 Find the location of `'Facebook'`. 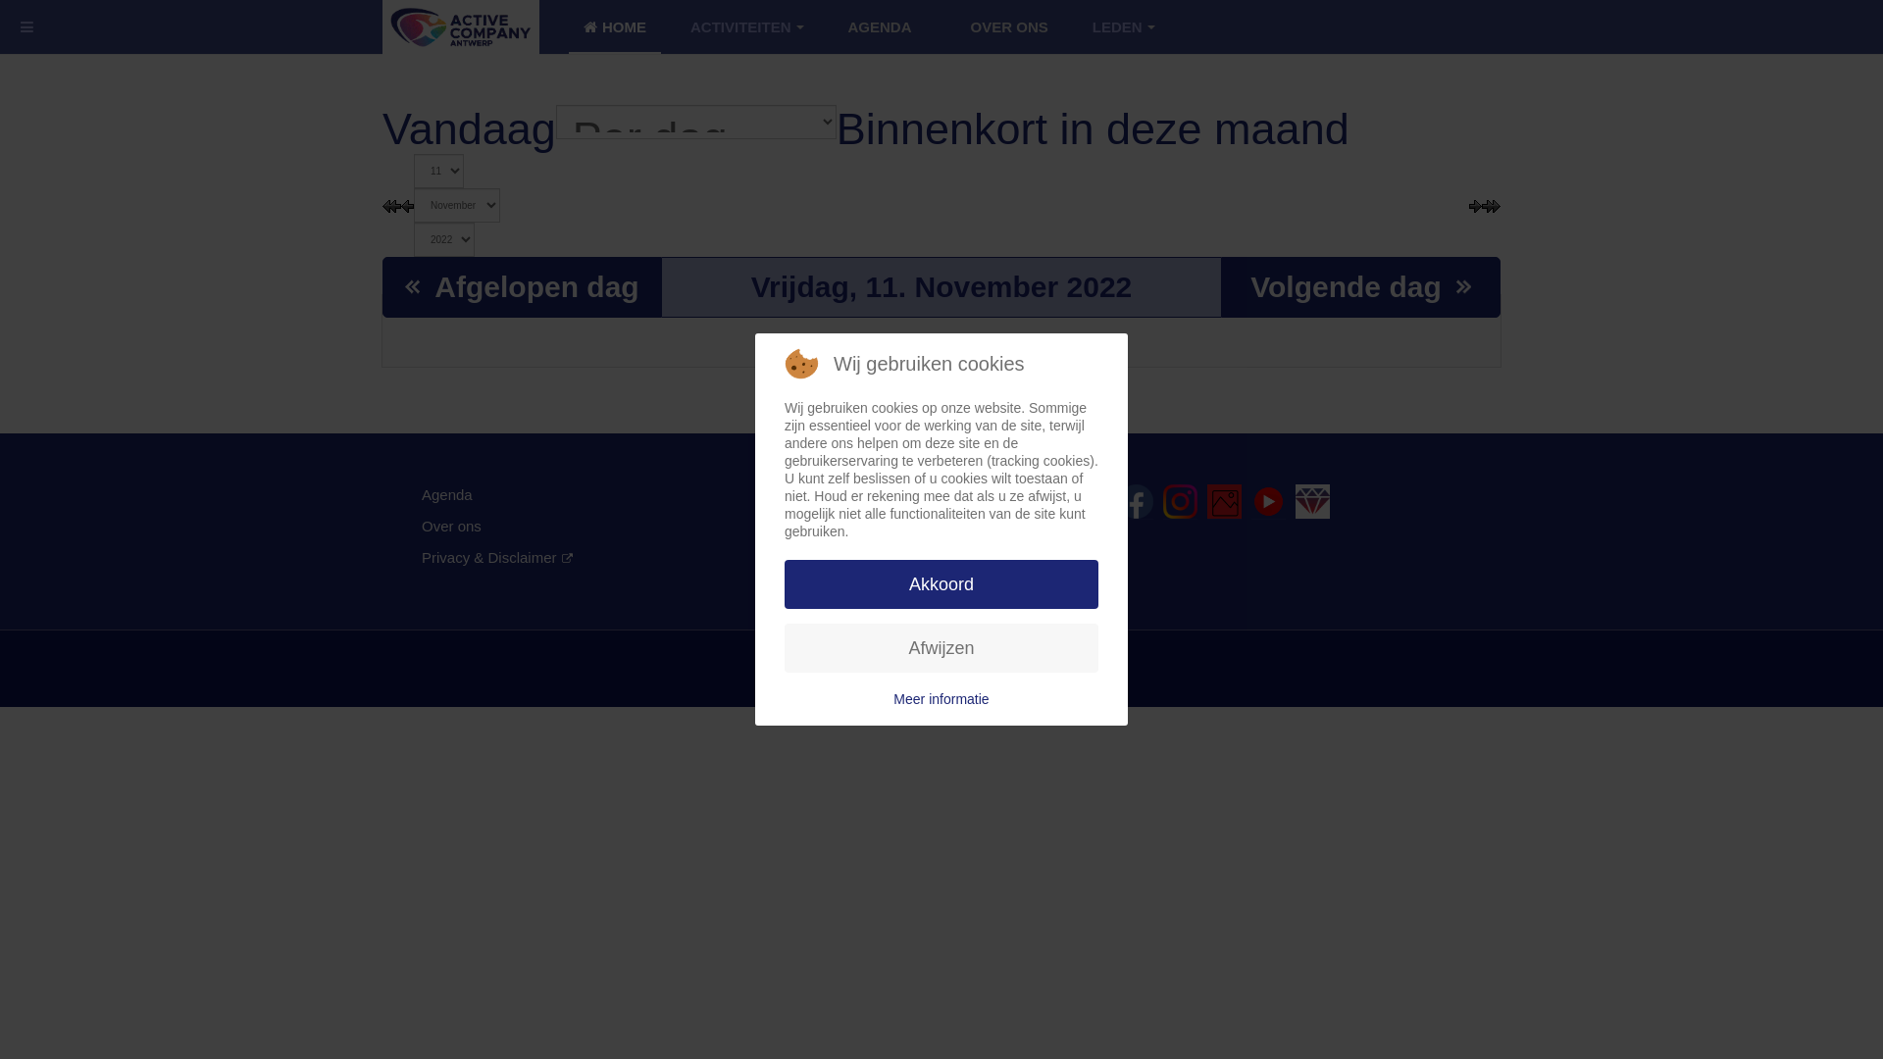

'Facebook' is located at coordinates (1136, 500).